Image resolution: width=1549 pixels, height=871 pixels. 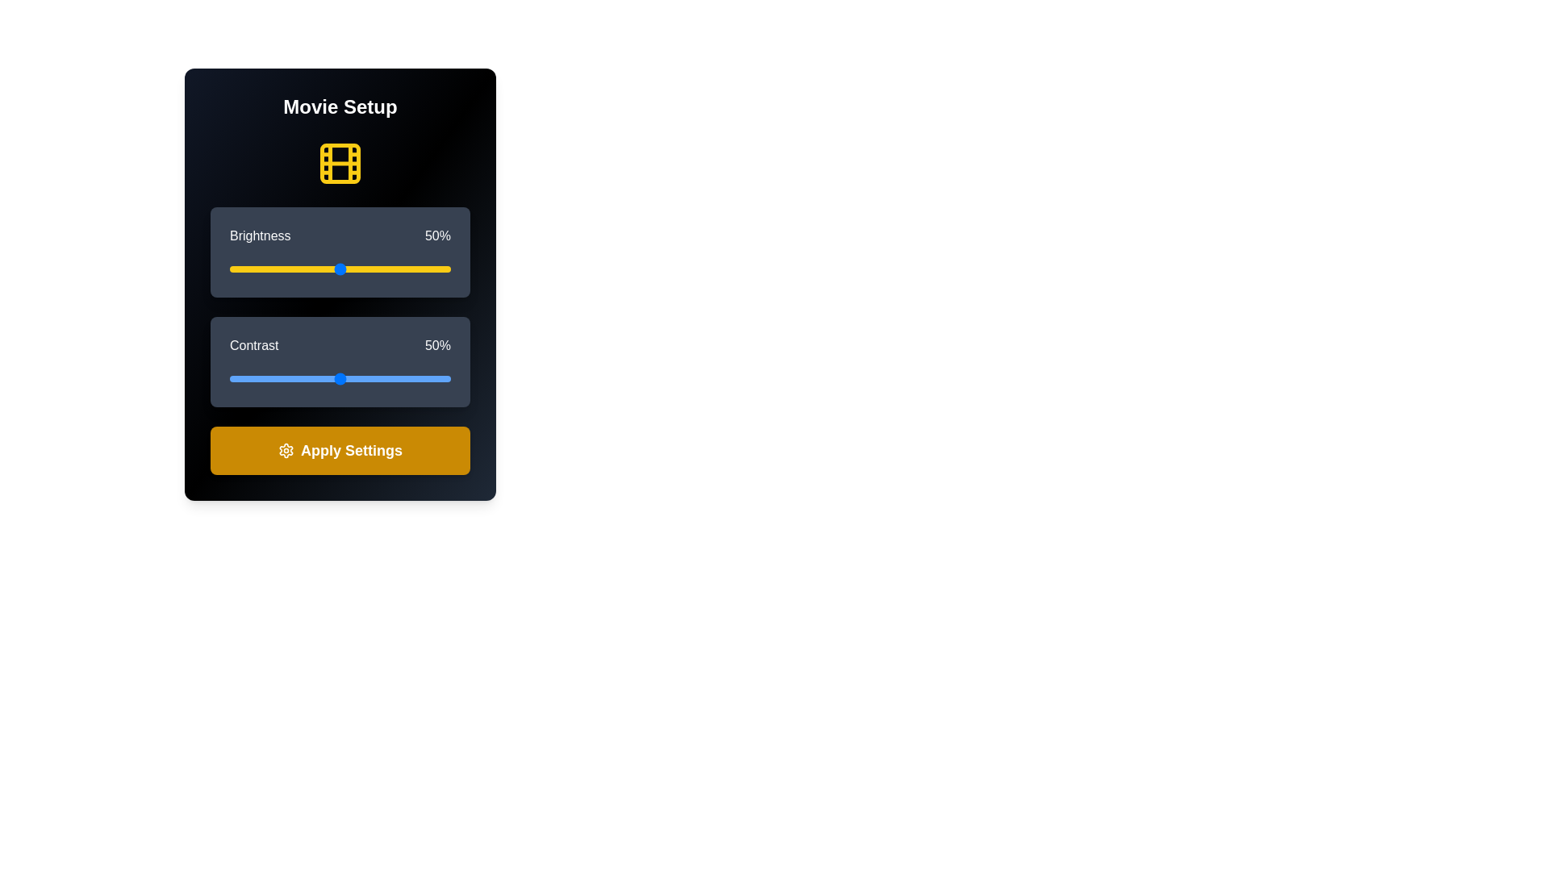 What do you see at coordinates (237, 379) in the screenshot?
I see `the contrast slider to 4%` at bounding box center [237, 379].